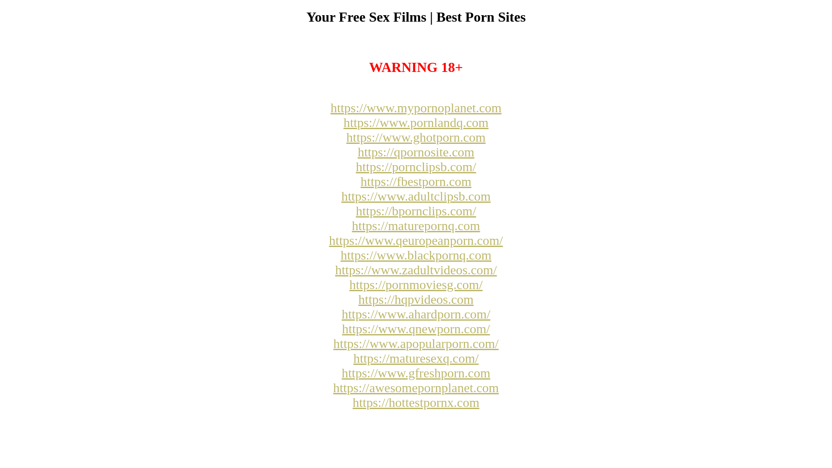  Describe the element at coordinates (416, 254) in the screenshot. I see `'https://www.blackpornq.com'` at that location.